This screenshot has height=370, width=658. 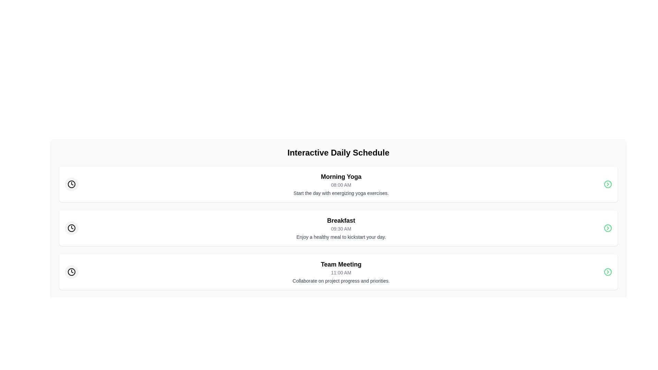 I want to click on the bold text label that reads 'Breakfast', which is the first and largest text block in the middle row of a three-row schedule layout, so click(x=341, y=221).